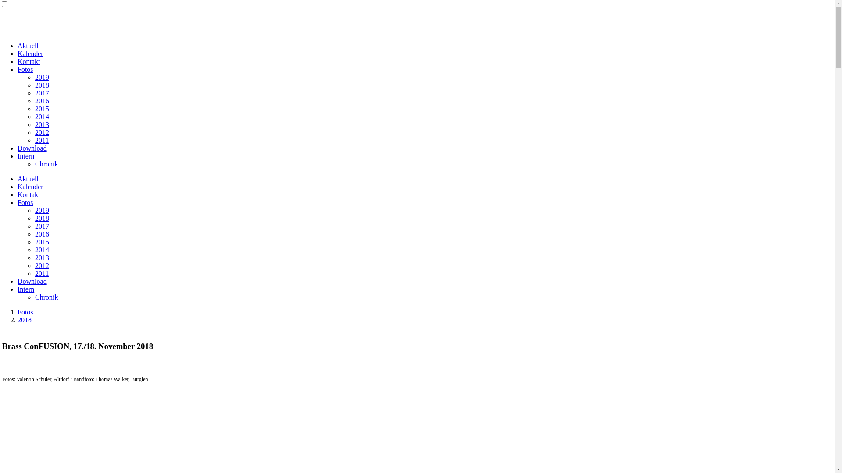 This screenshot has width=842, height=473. What do you see at coordinates (29, 194) in the screenshot?
I see `'Kontakt'` at bounding box center [29, 194].